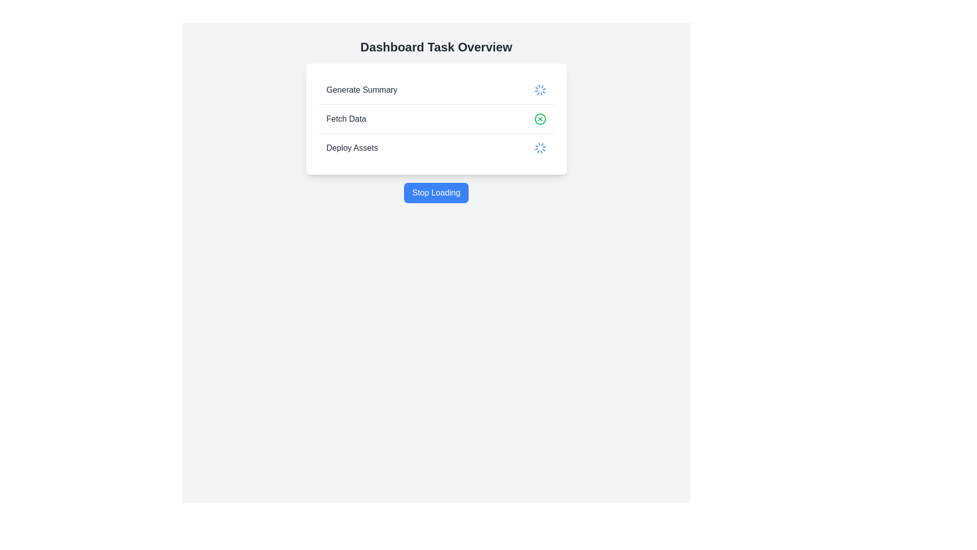  I want to click on the text label that indicates the purpose or activity type for a task at the top of the vertical list in the dashboard interface, so click(362, 90).